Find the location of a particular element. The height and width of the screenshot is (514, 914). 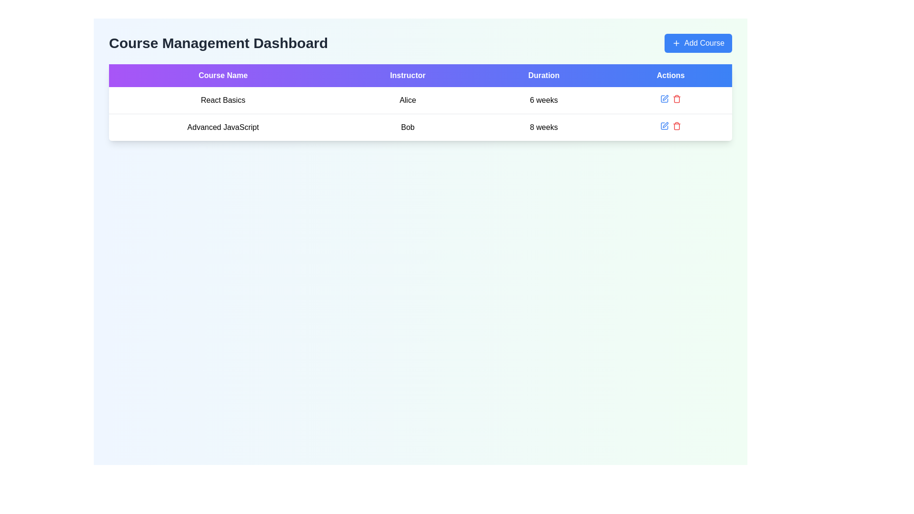

the static text element displaying 'Advanced JavaScript' which is the first cell of the second row under the 'Course Name' column is located at coordinates (222, 127).